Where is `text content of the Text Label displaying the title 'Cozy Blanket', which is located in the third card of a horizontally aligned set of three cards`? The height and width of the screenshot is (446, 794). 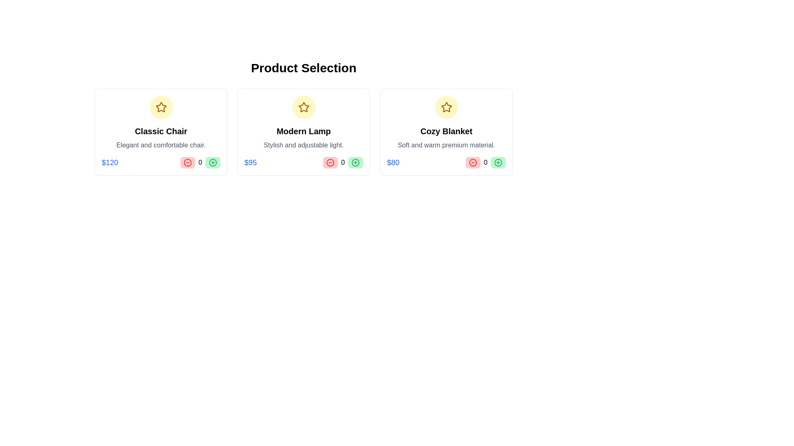
text content of the Text Label displaying the title 'Cozy Blanket', which is located in the third card of a horizontally aligned set of three cards is located at coordinates (446, 130).